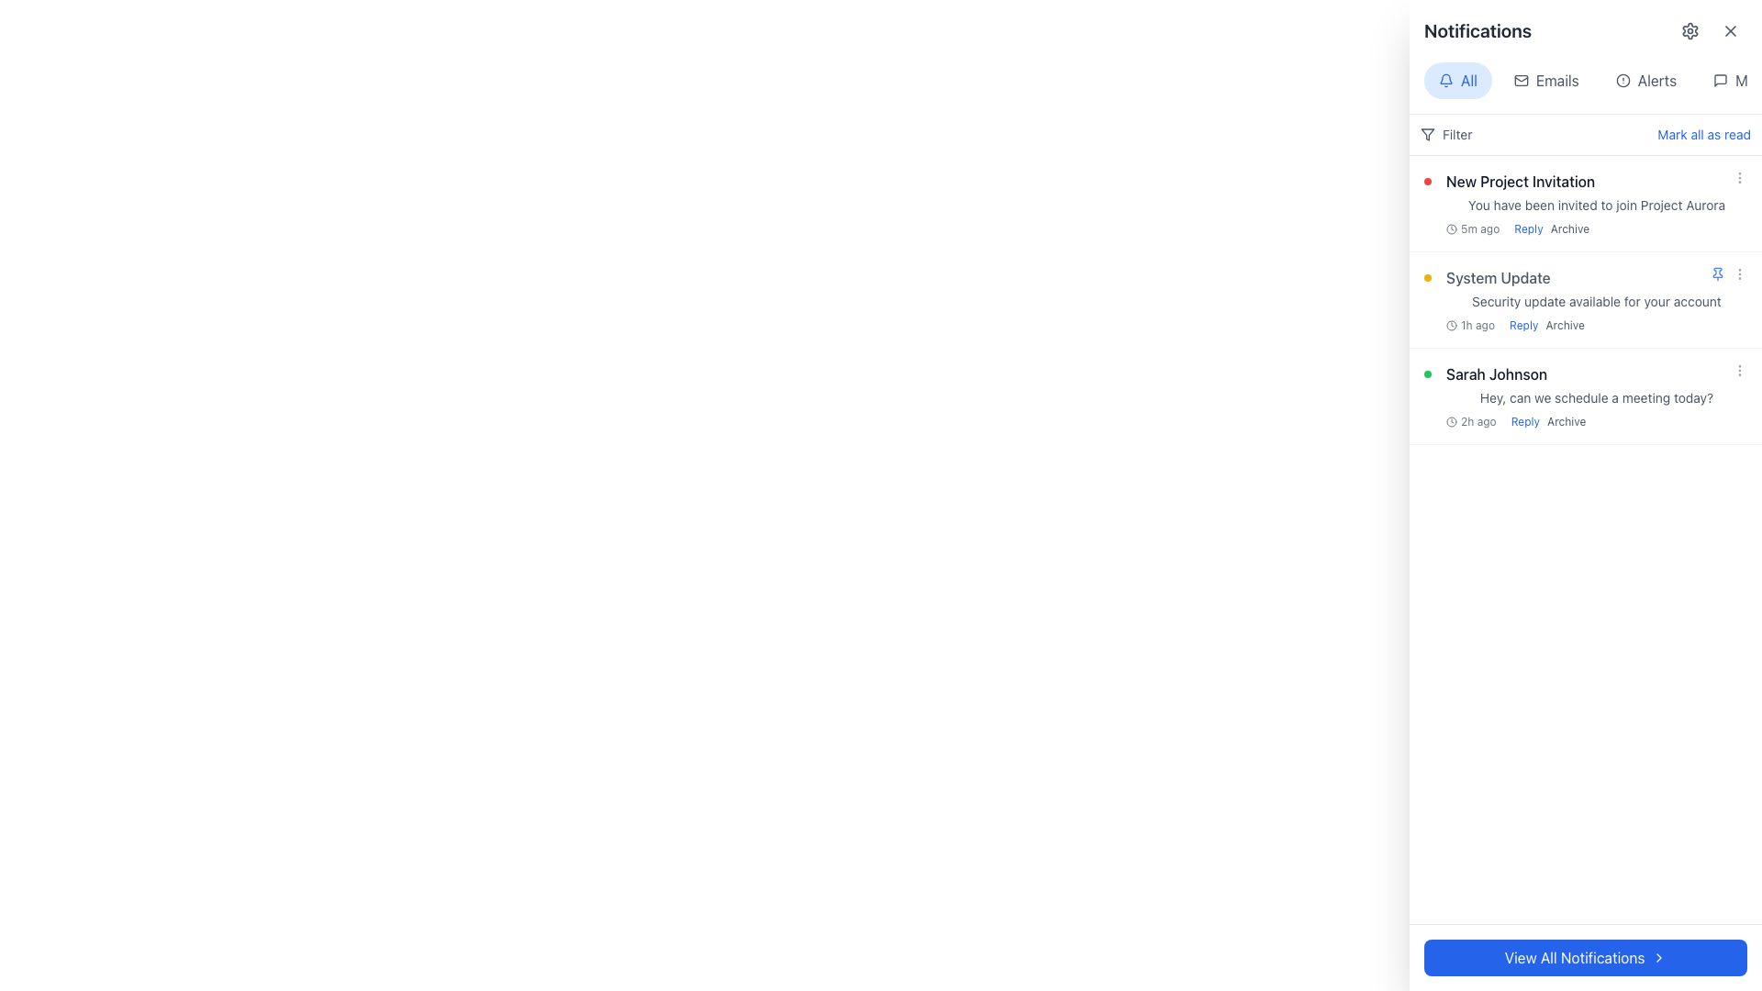  Describe the element at coordinates (1547, 421) in the screenshot. I see `the 'Archive' link within the interactive options group of the notification for 'Sarah Johnson'` at that location.